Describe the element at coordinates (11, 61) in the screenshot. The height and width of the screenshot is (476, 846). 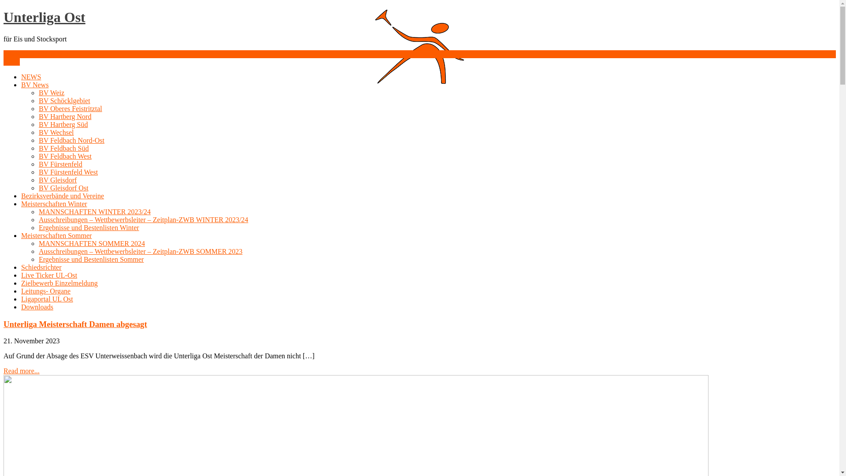
I see `'Menu'` at that location.